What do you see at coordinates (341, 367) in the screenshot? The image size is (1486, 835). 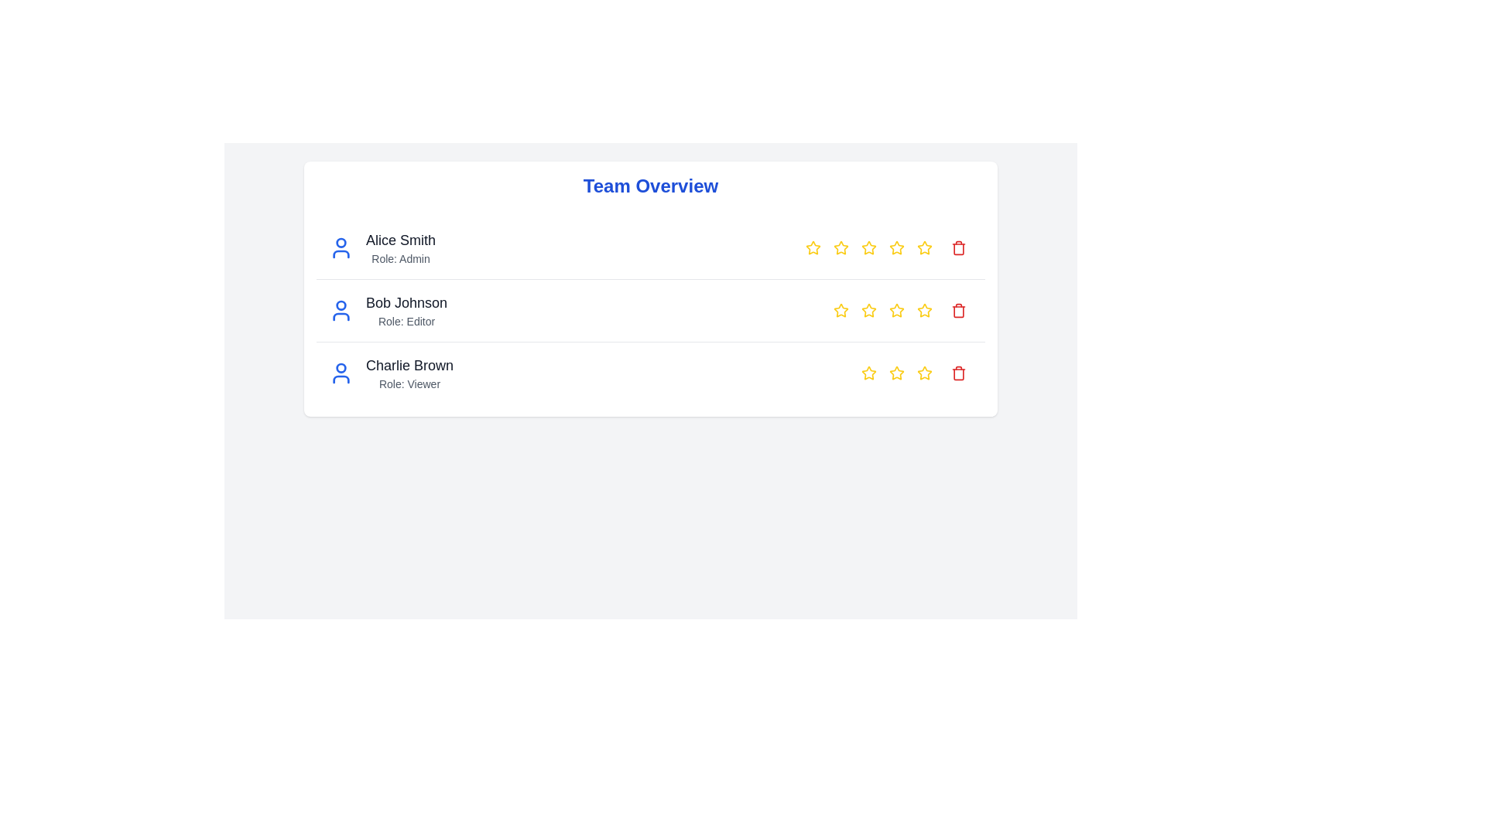 I see `the SVG circle element with a blue outline located within the avatar icon associated with the user entry labeled 'Charlie Brown' in the third row of the user list` at bounding box center [341, 367].